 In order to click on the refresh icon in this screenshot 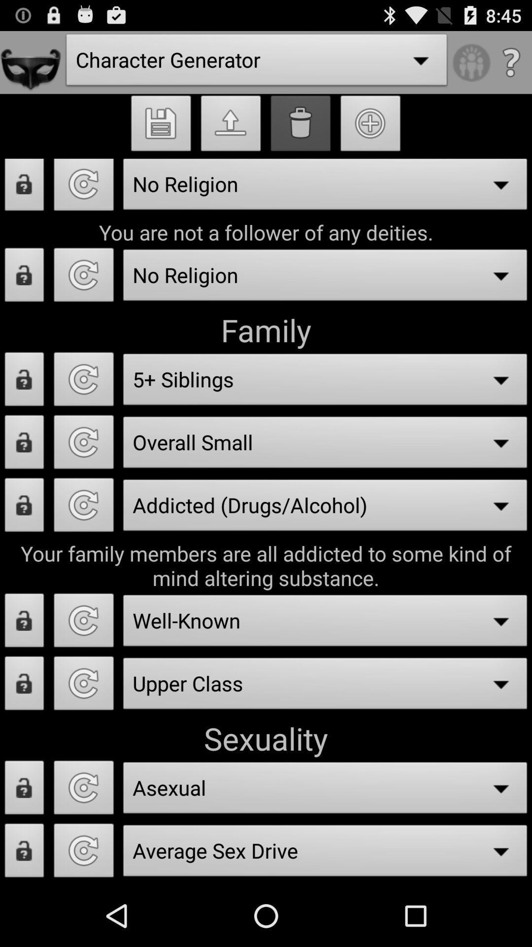, I will do `click(83, 543)`.